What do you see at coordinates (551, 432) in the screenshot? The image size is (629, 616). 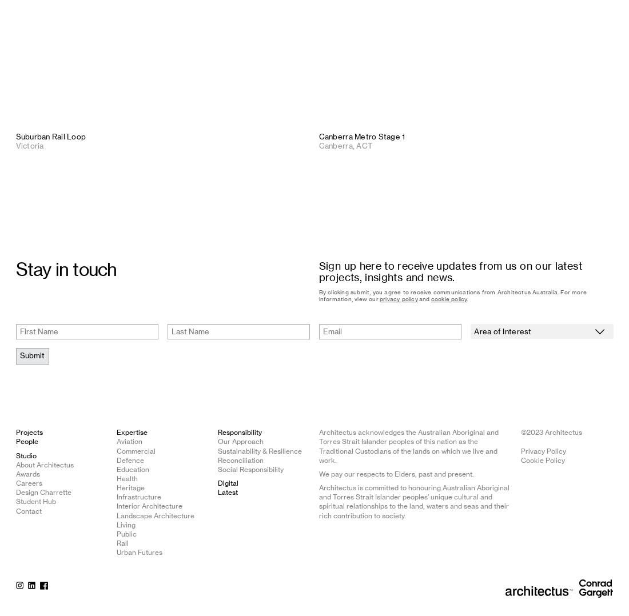 I see `'©2023 Architectus'` at bounding box center [551, 432].